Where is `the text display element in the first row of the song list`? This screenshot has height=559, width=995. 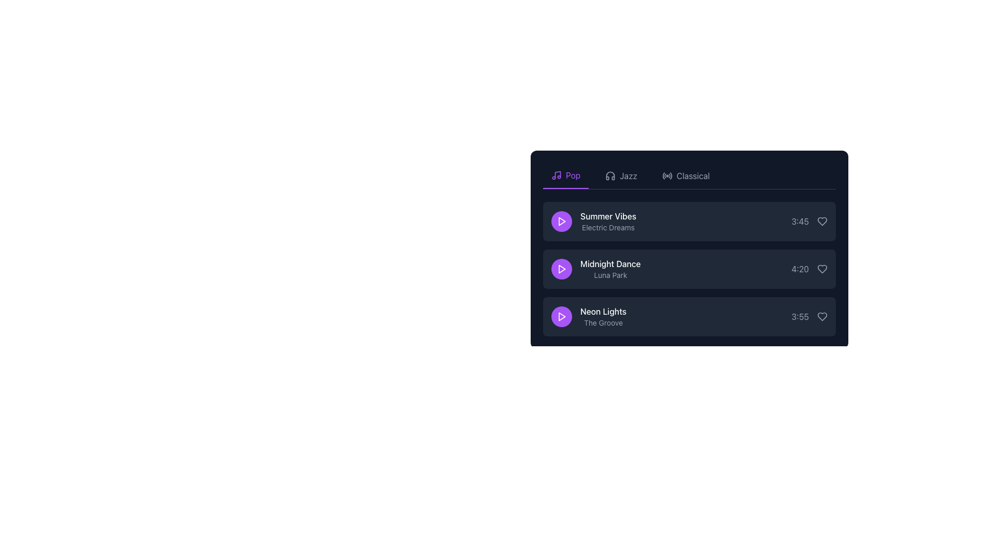 the text display element in the first row of the song list is located at coordinates (593, 221).